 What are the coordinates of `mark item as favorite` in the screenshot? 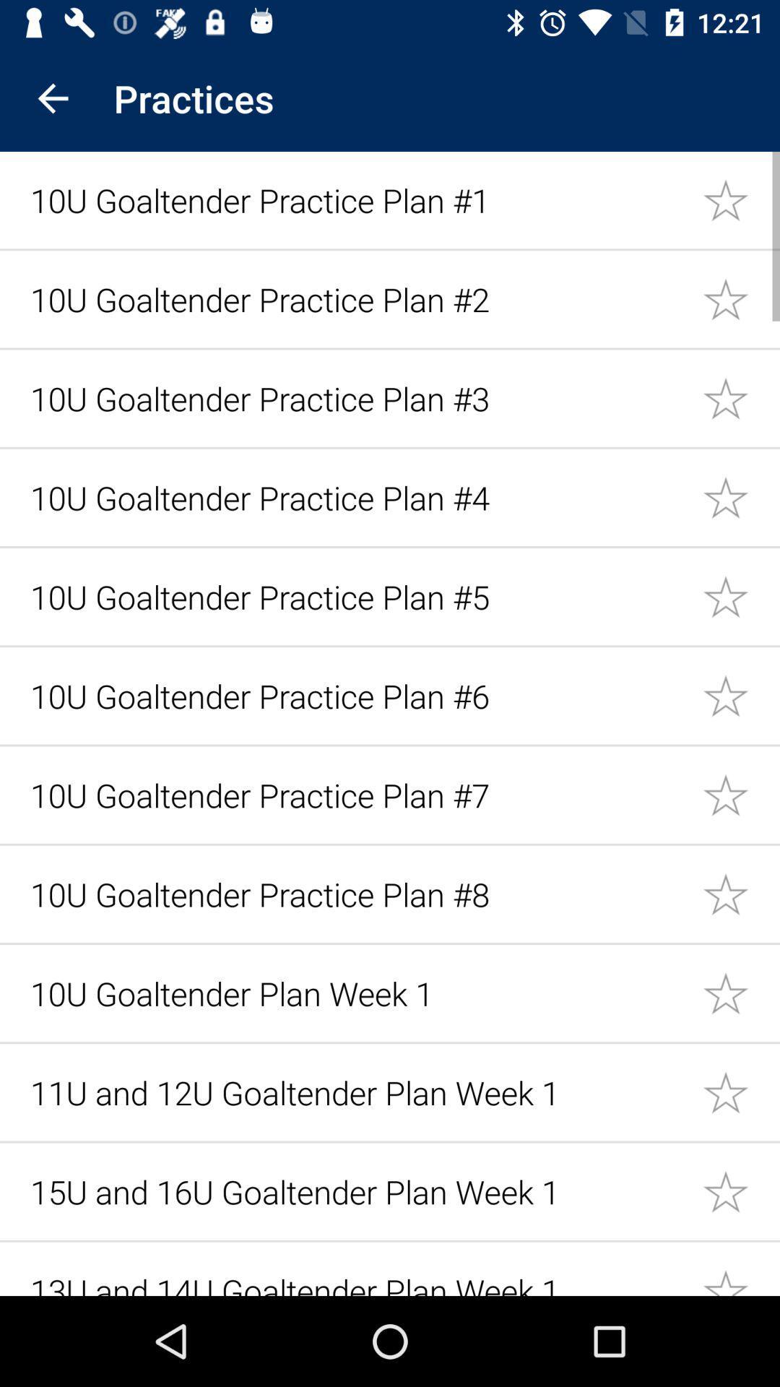 It's located at (741, 794).